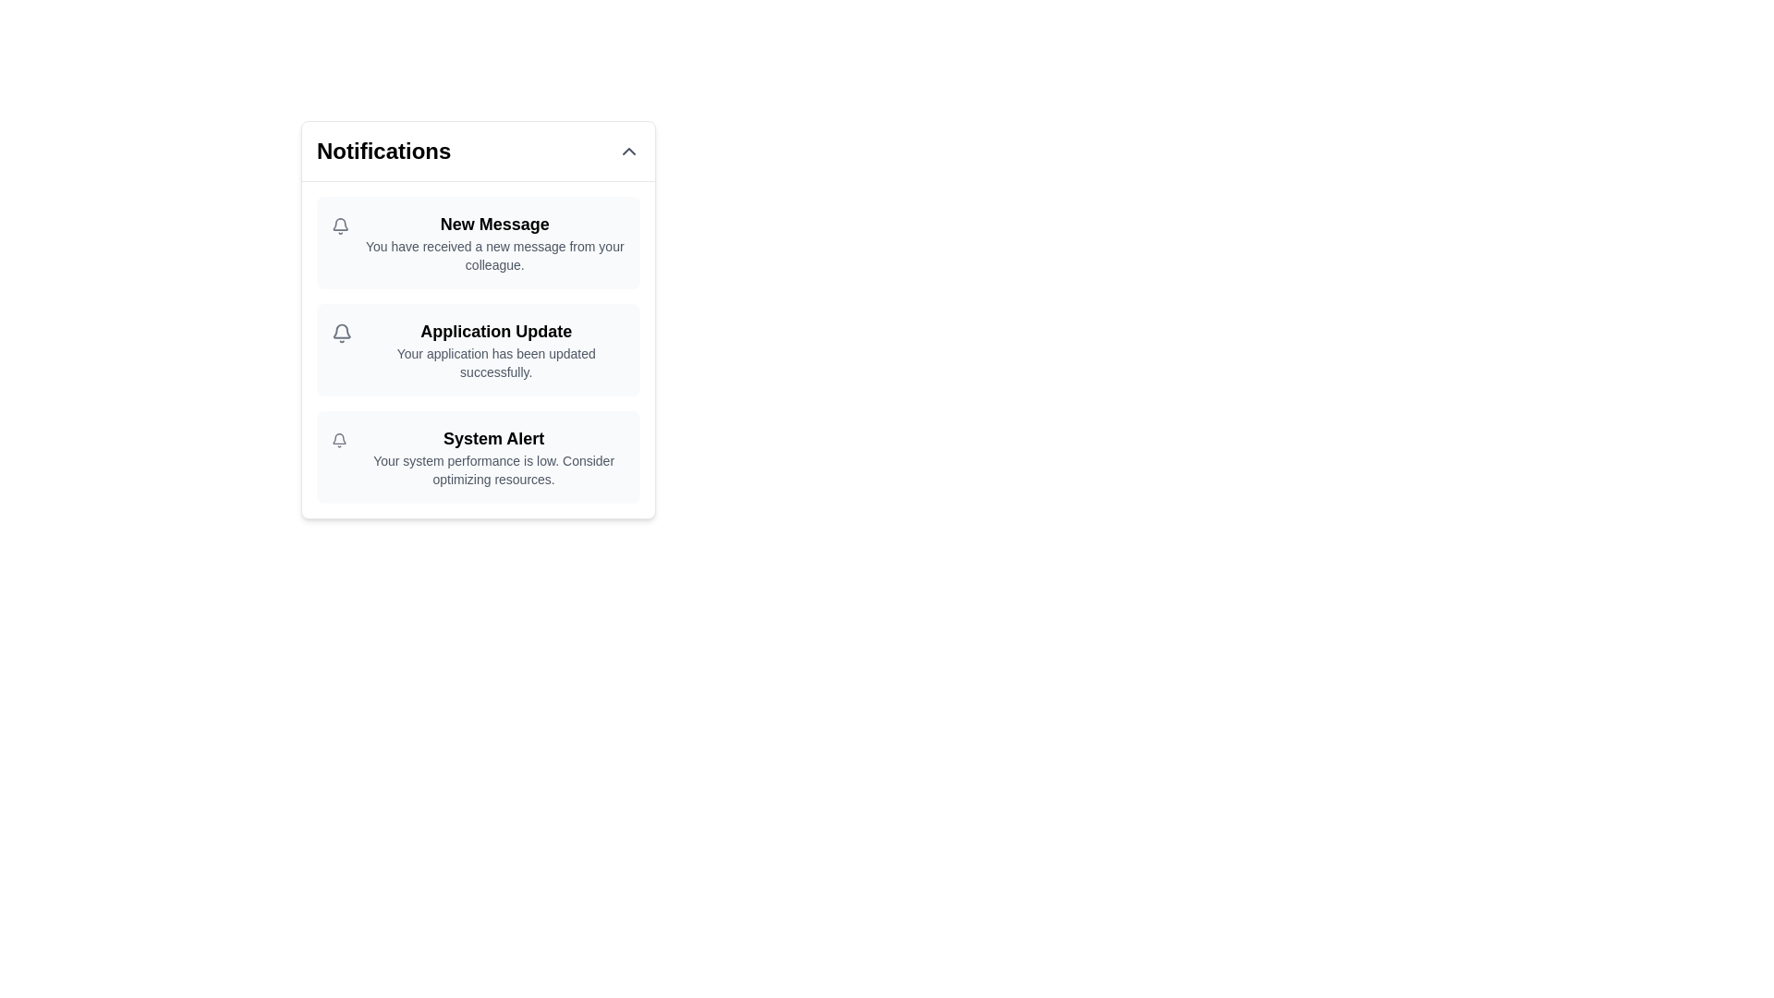  What do you see at coordinates (494, 256) in the screenshot?
I see `the text label displaying the message 'You have received a new message from your colleague.' located directly beneath the title 'New Message.'` at bounding box center [494, 256].